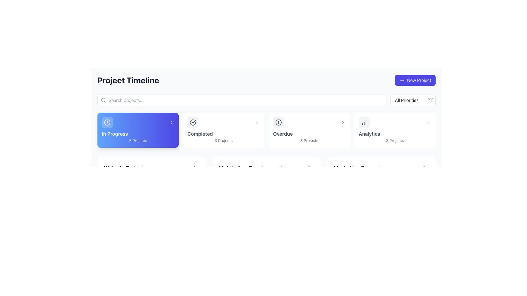 Image resolution: width=527 pixels, height=296 pixels. Describe the element at coordinates (415, 80) in the screenshot. I see `the 'Create New Project' button located on the far-right side of the interface header, next to the 'Project Timeline' title` at that location.